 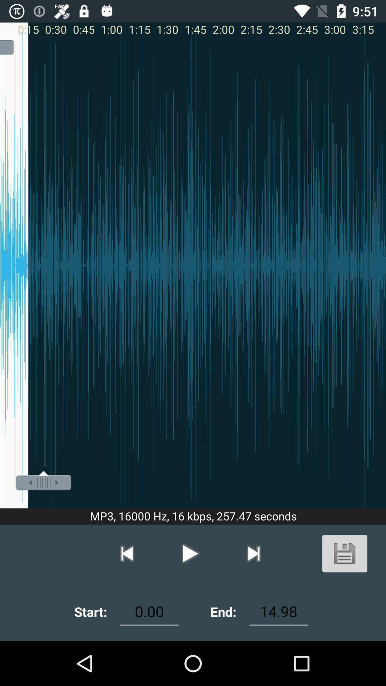 I want to click on the play button, so click(x=190, y=553).